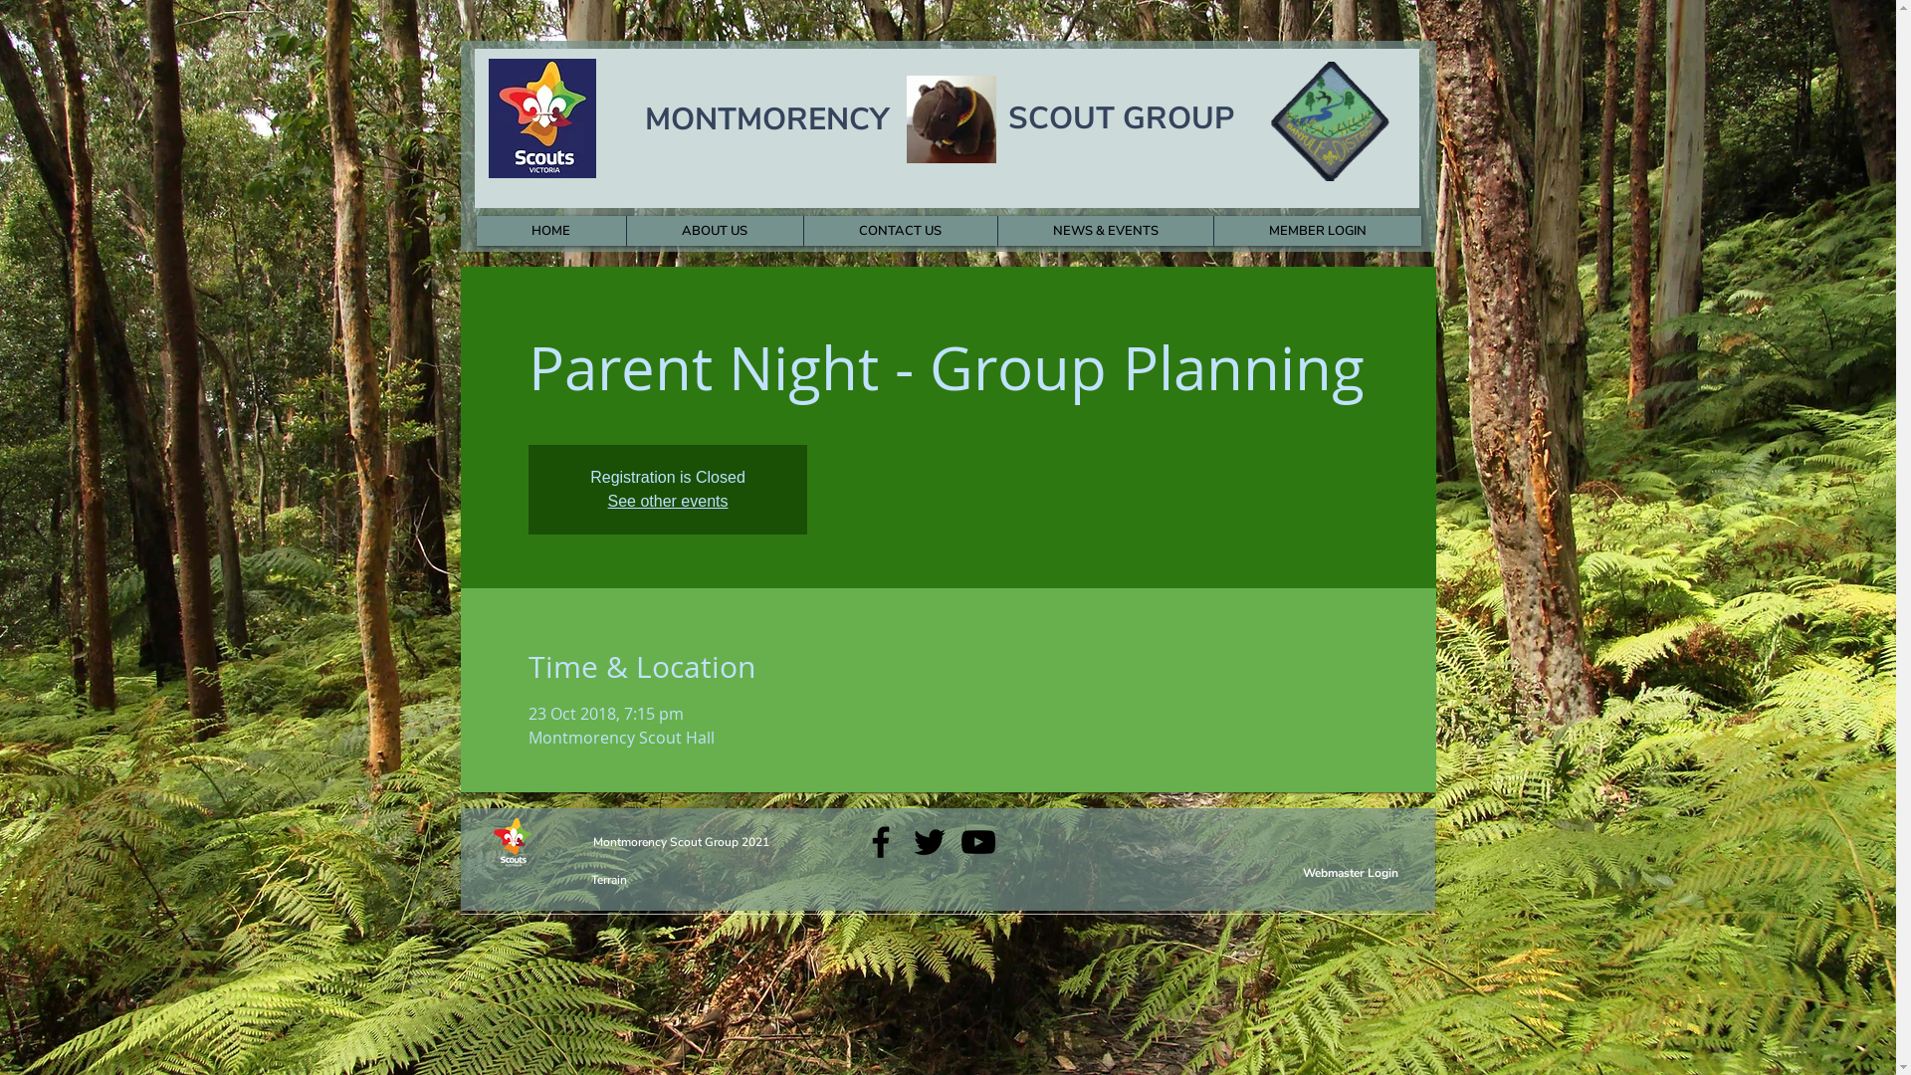 This screenshot has height=1075, width=1911. What do you see at coordinates (549, 229) in the screenshot?
I see `'HOME'` at bounding box center [549, 229].